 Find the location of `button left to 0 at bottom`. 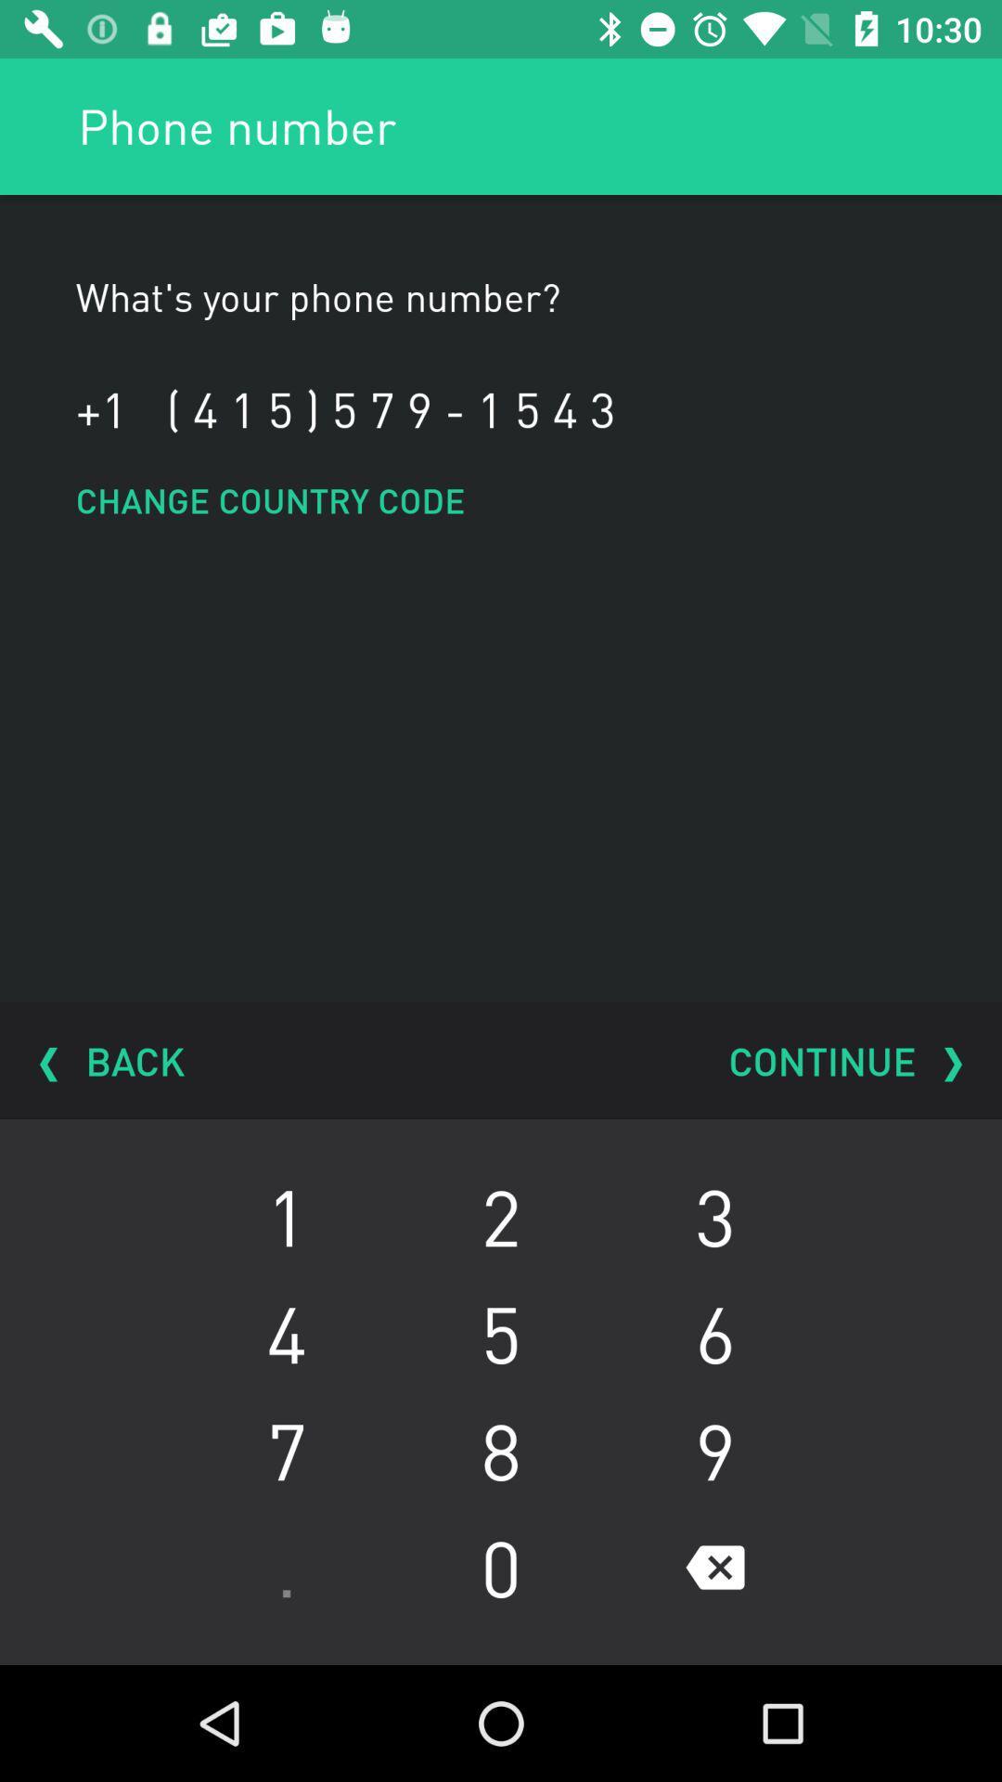

button left to 0 at bottom is located at coordinates (287, 1567).